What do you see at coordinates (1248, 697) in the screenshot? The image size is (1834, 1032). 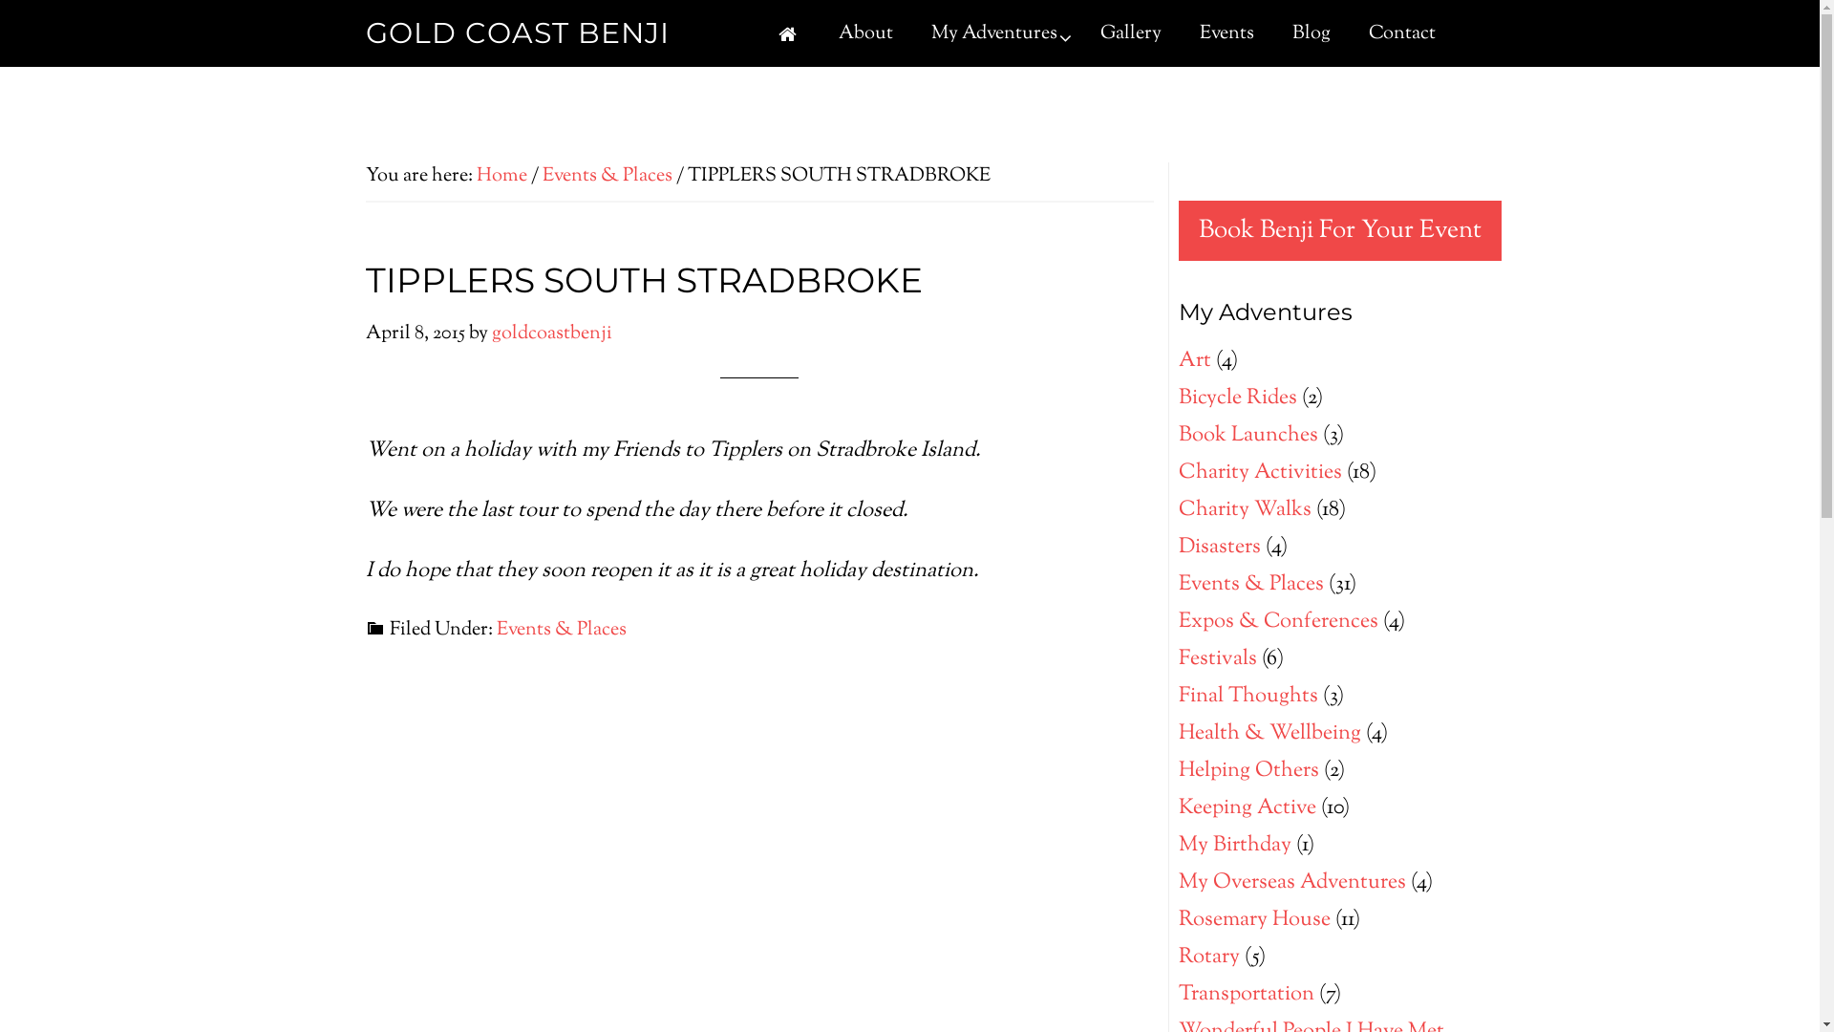 I see `'Final Thoughts'` at bounding box center [1248, 697].